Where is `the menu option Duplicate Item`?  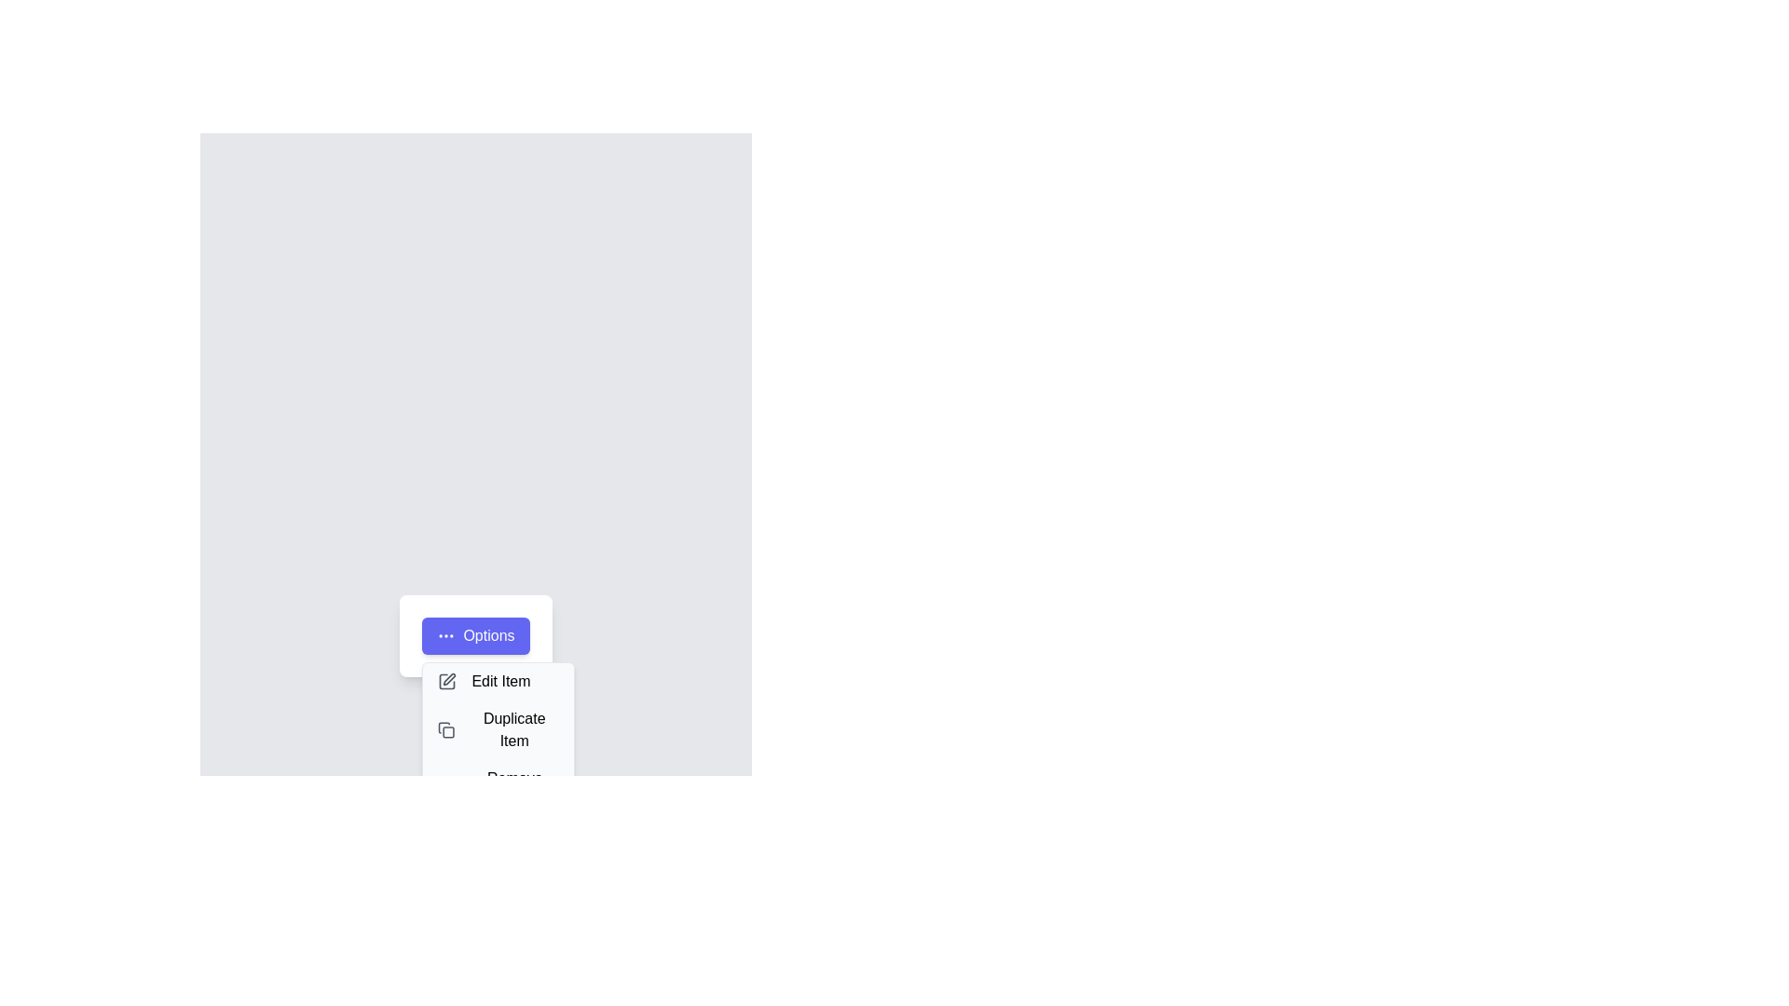
the menu option Duplicate Item is located at coordinates (498, 728).